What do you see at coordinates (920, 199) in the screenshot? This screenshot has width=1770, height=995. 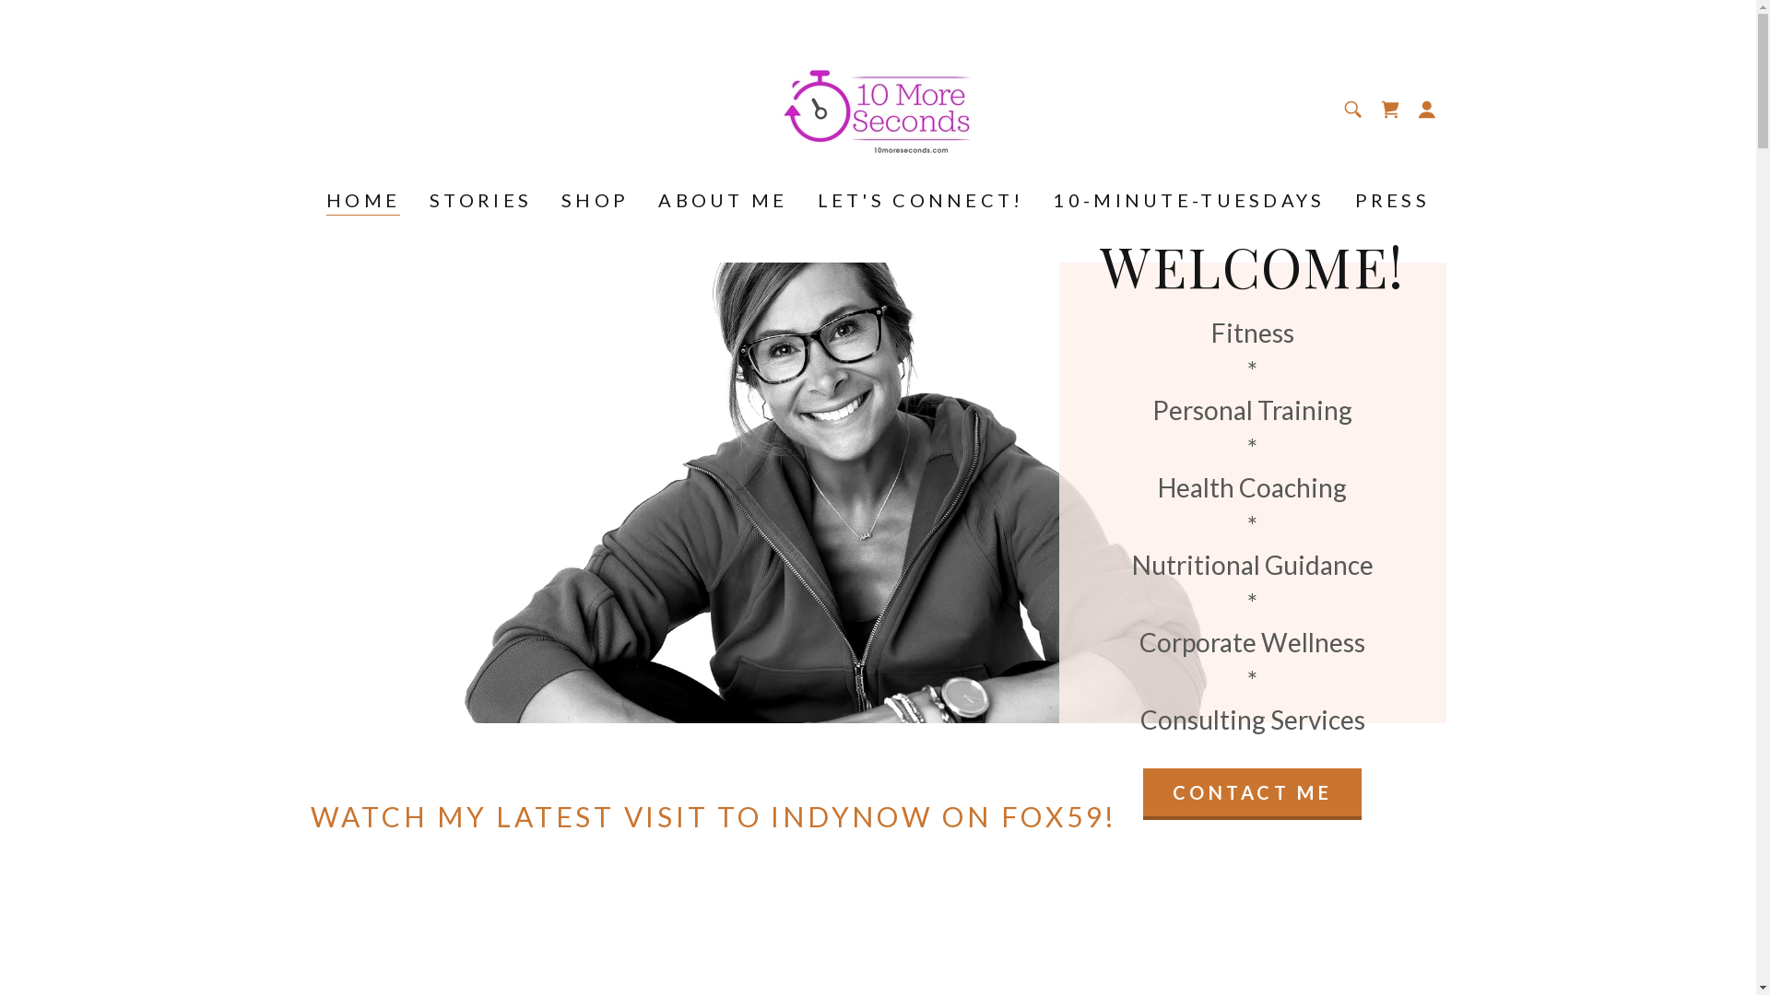 I see `'LET'S CONNECT!'` at bounding box center [920, 199].